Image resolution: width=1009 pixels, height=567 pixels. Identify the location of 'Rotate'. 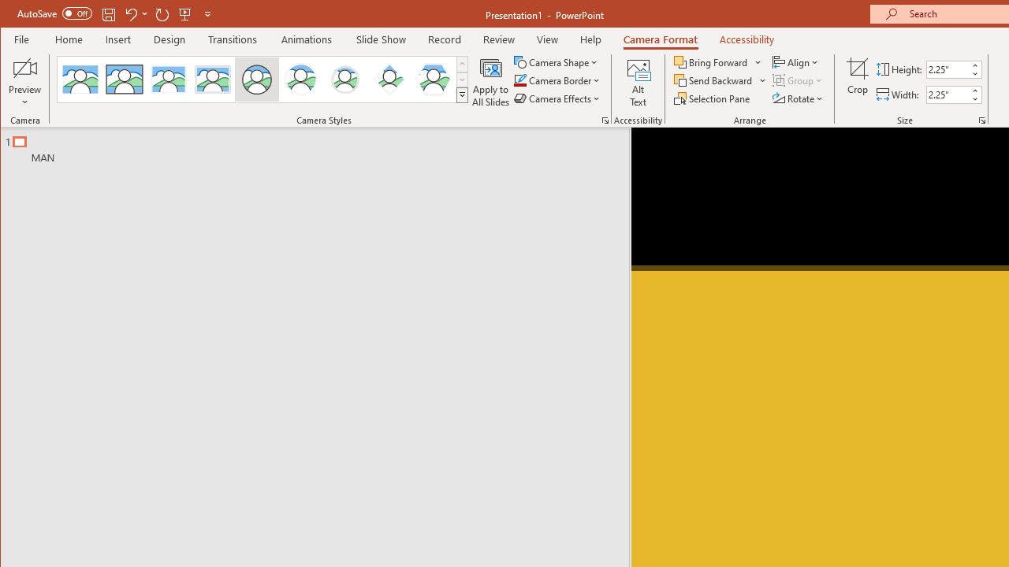
(799, 98).